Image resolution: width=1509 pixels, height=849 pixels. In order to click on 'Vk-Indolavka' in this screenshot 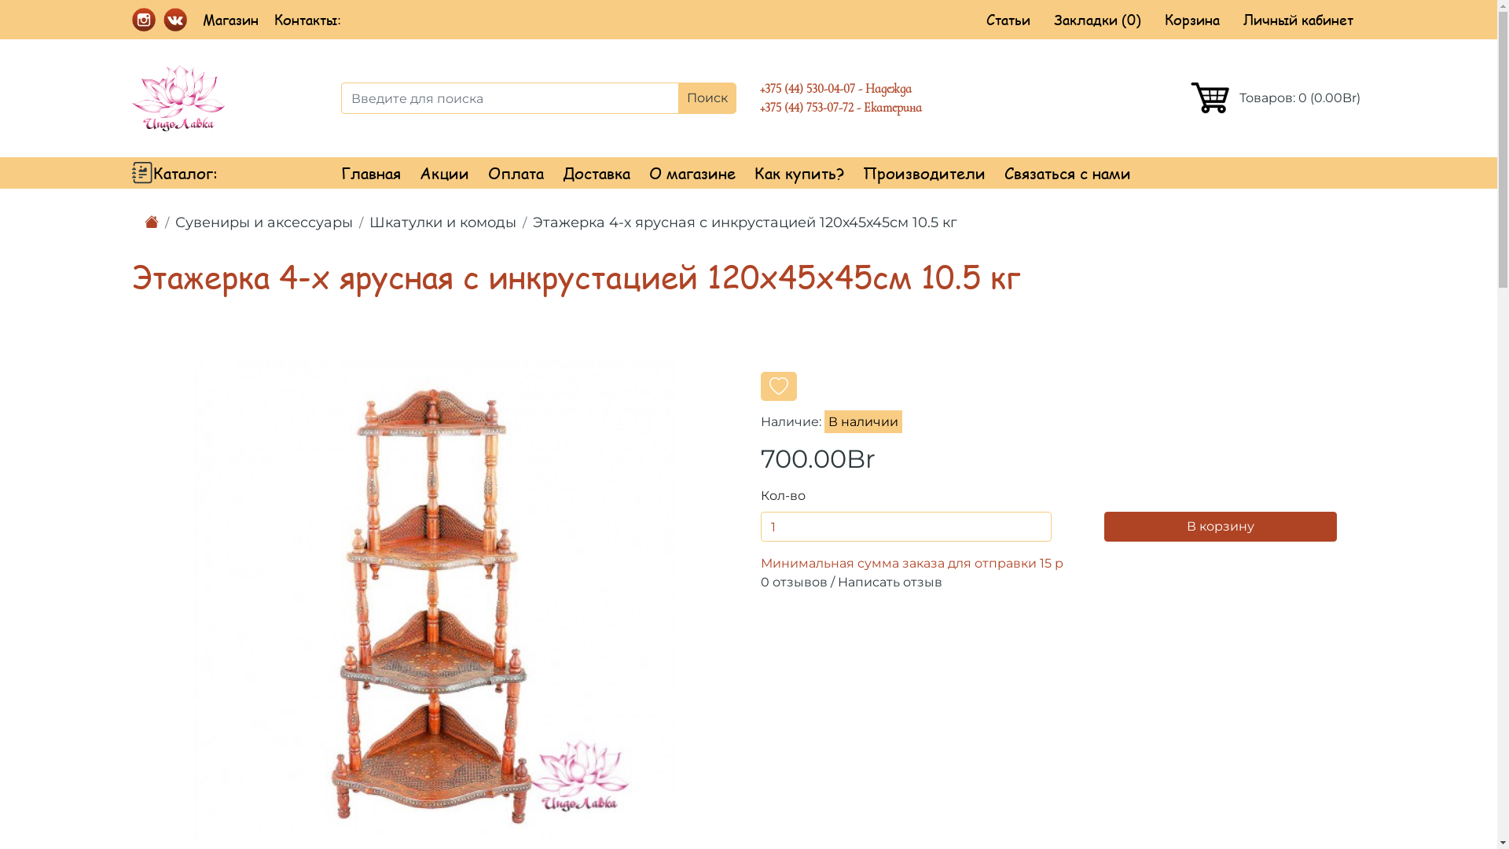, I will do `click(174, 18)`.